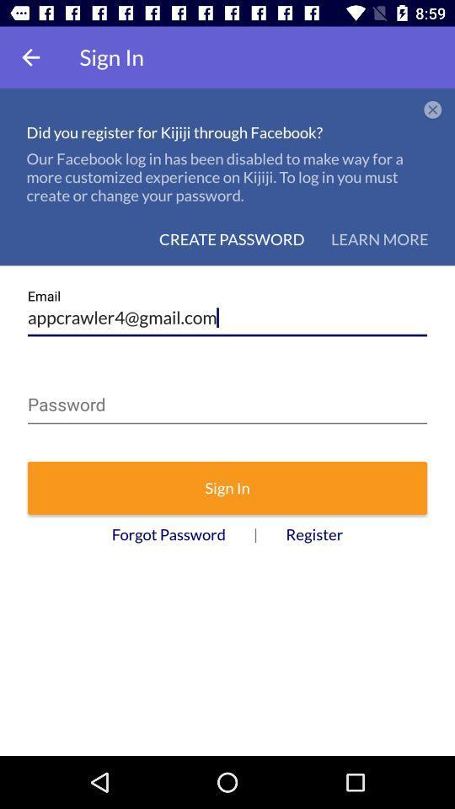 The width and height of the screenshot is (455, 809). Describe the element at coordinates (169, 533) in the screenshot. I see `the forgot password` at that location.